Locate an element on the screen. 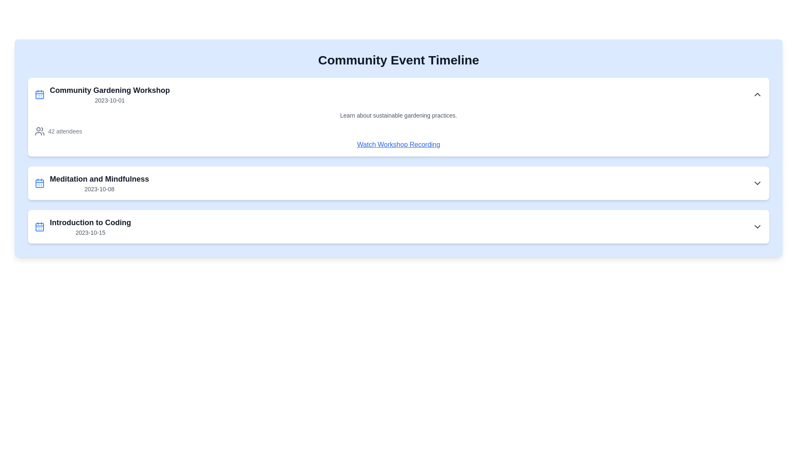 The width and height of the screenshot is (804, 452). text content of the descriptive label for the event located in the third entry of the 'Community Event Timeline' list, below the 'Meditation and Mindfulness' card is located at coordinates (90, 227).